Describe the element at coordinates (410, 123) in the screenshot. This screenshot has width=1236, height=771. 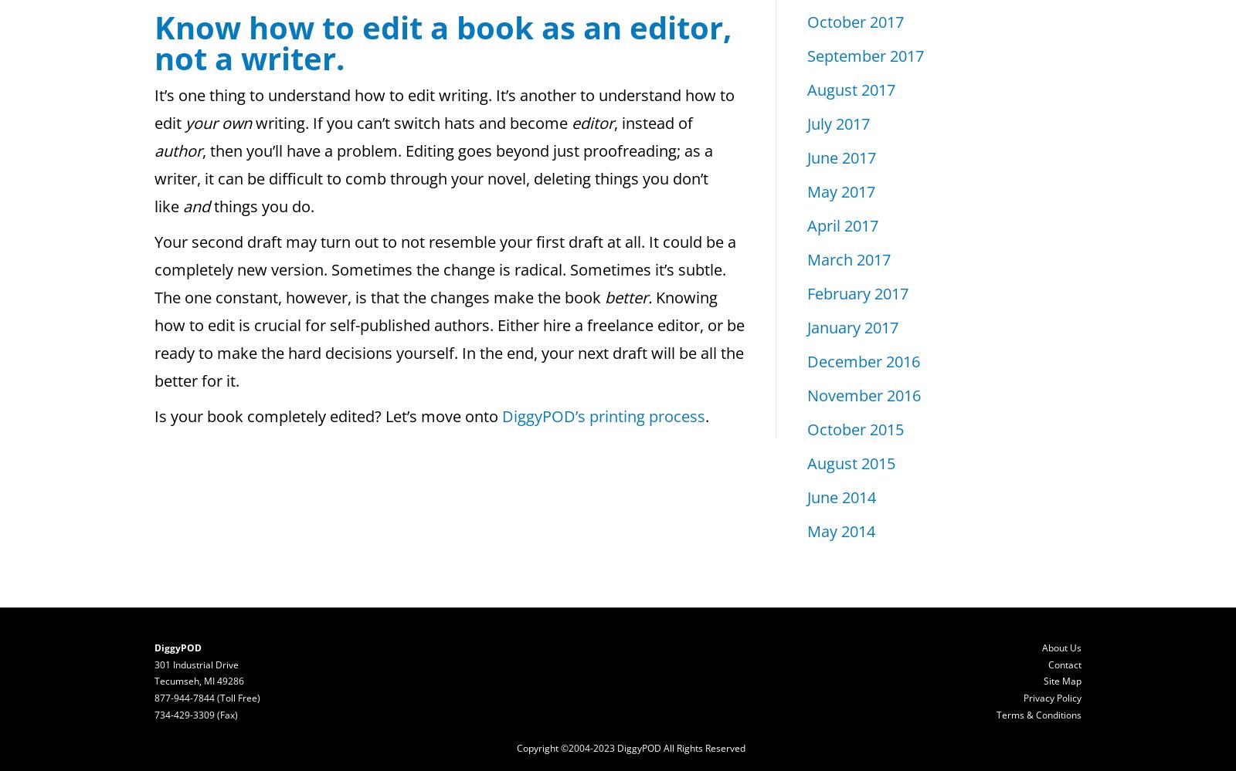
I see `'writing. If you can’t switch hats and become'` at that location.